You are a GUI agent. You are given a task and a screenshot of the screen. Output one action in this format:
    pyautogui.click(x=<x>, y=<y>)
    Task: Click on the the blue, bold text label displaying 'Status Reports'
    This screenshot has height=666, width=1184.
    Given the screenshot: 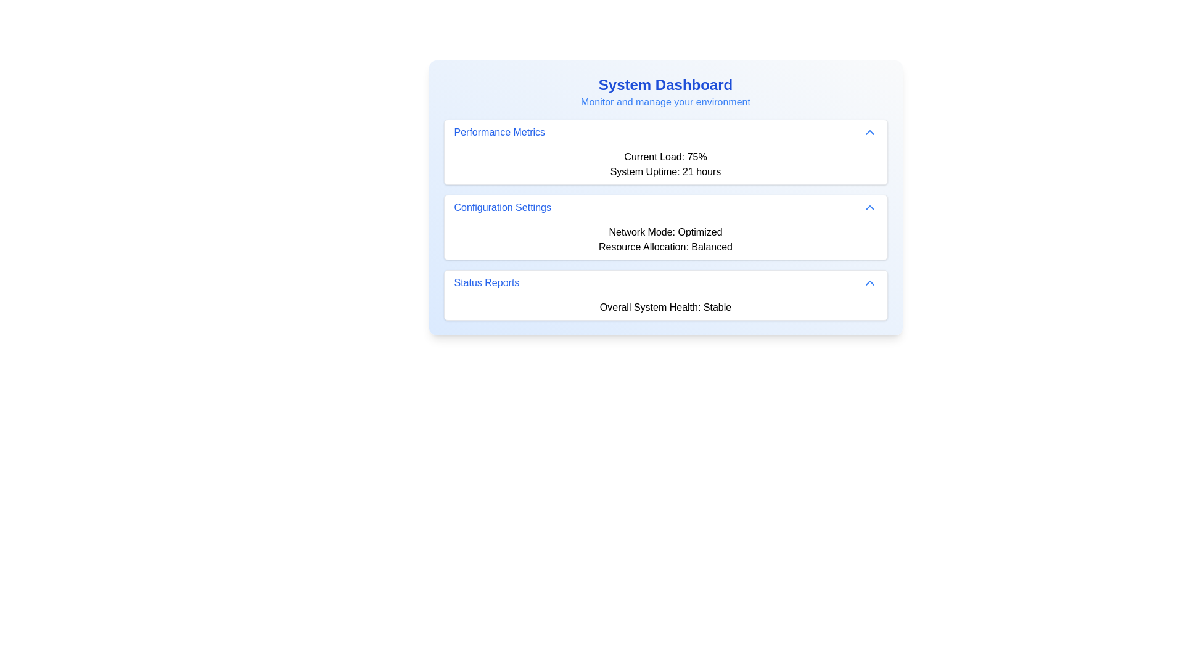 What is the action you would take?
    pyautogui.click(x=486, y=283)
    